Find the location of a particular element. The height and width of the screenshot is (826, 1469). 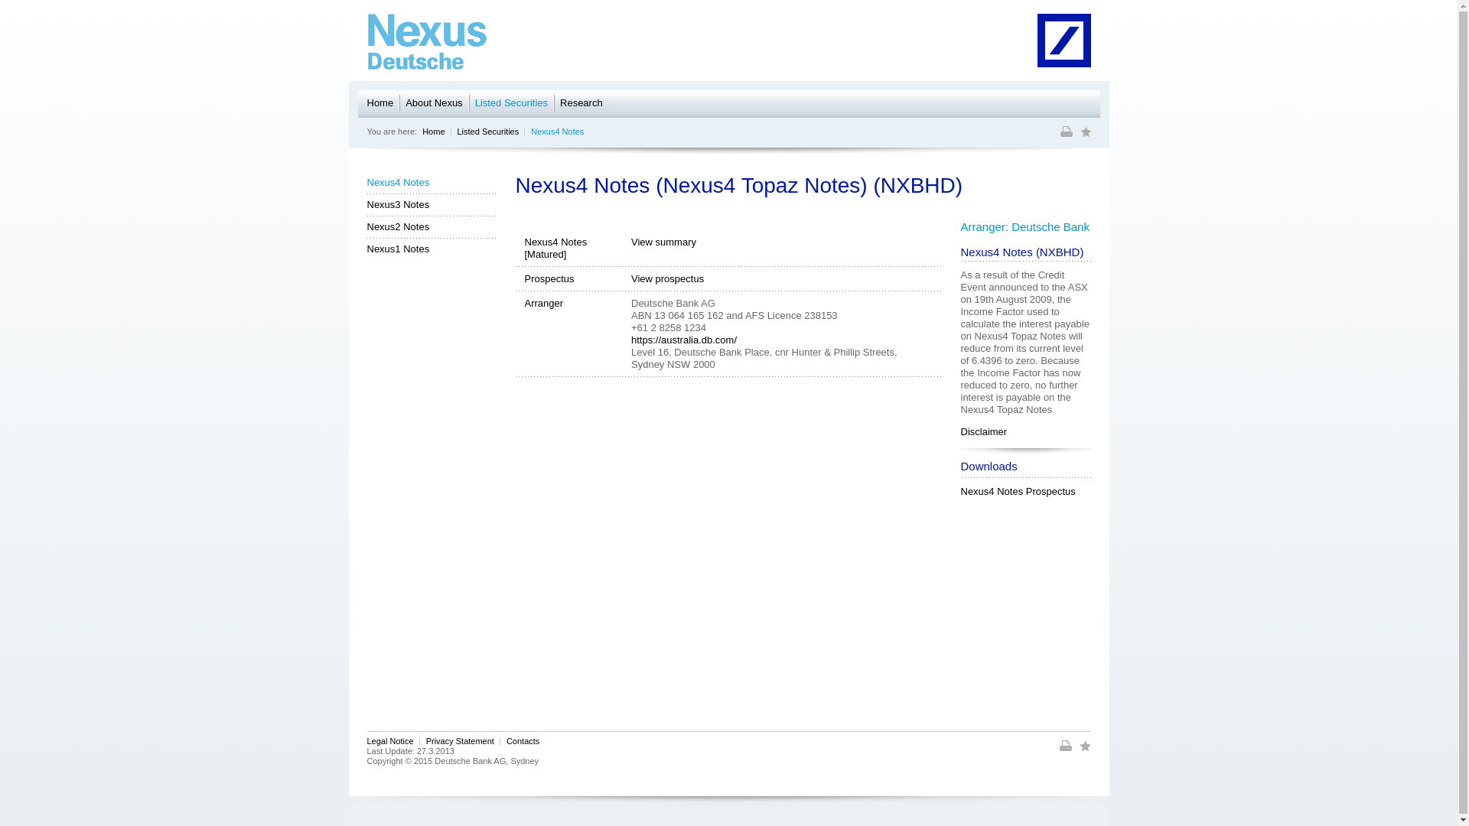

'About Nexus' is located at coordinates (405, 103).